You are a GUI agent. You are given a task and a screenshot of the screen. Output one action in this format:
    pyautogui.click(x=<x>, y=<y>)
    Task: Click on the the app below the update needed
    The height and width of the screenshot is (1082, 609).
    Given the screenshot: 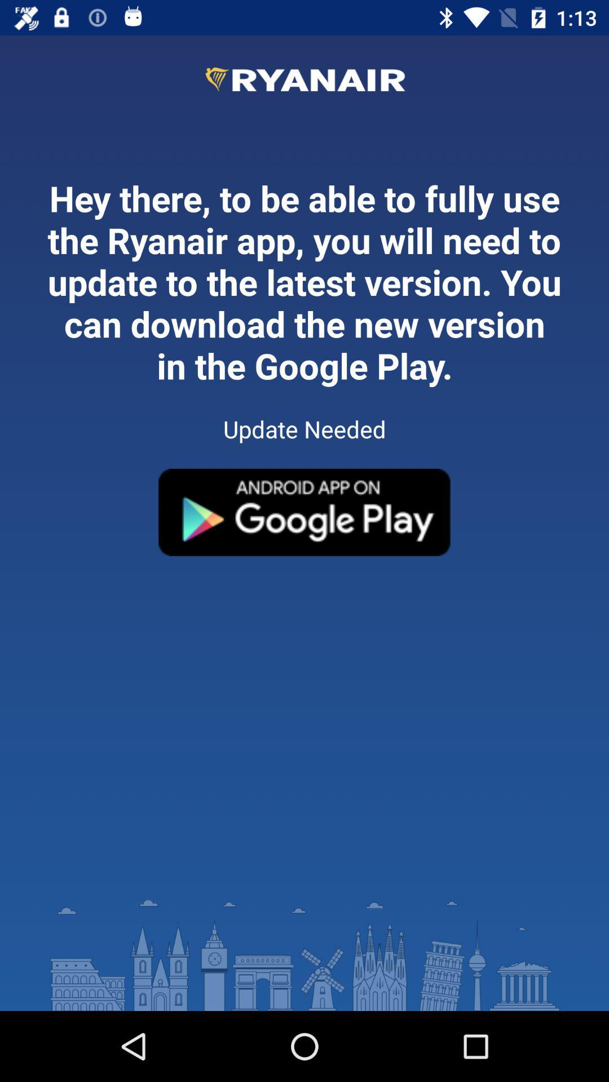 What is the action you would take?
    pyautogui.click(x=304, y=512)
    